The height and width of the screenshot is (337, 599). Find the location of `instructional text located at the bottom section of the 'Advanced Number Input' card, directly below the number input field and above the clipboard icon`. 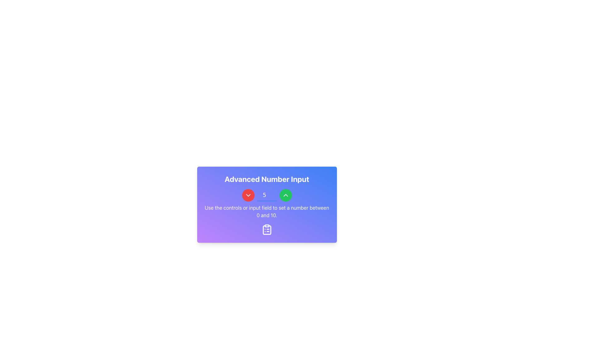

instructional text located at the bottom section of the 'Advanced Number Input' card, directly below the number input field and above the clipboard icon is located at coordinates (267, 211).